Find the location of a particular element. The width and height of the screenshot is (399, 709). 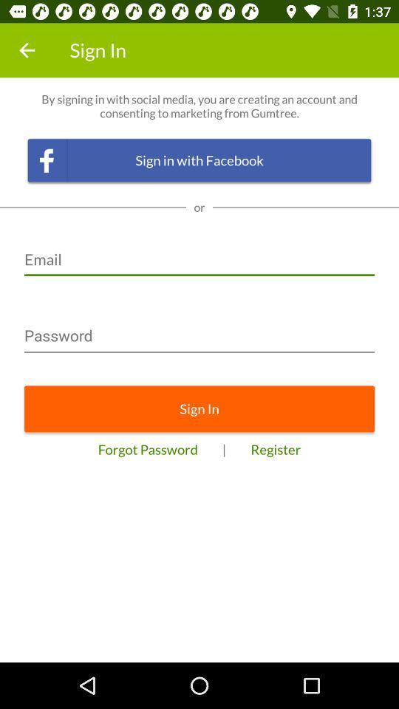

item next to | item is located at coordinates (148, 448).